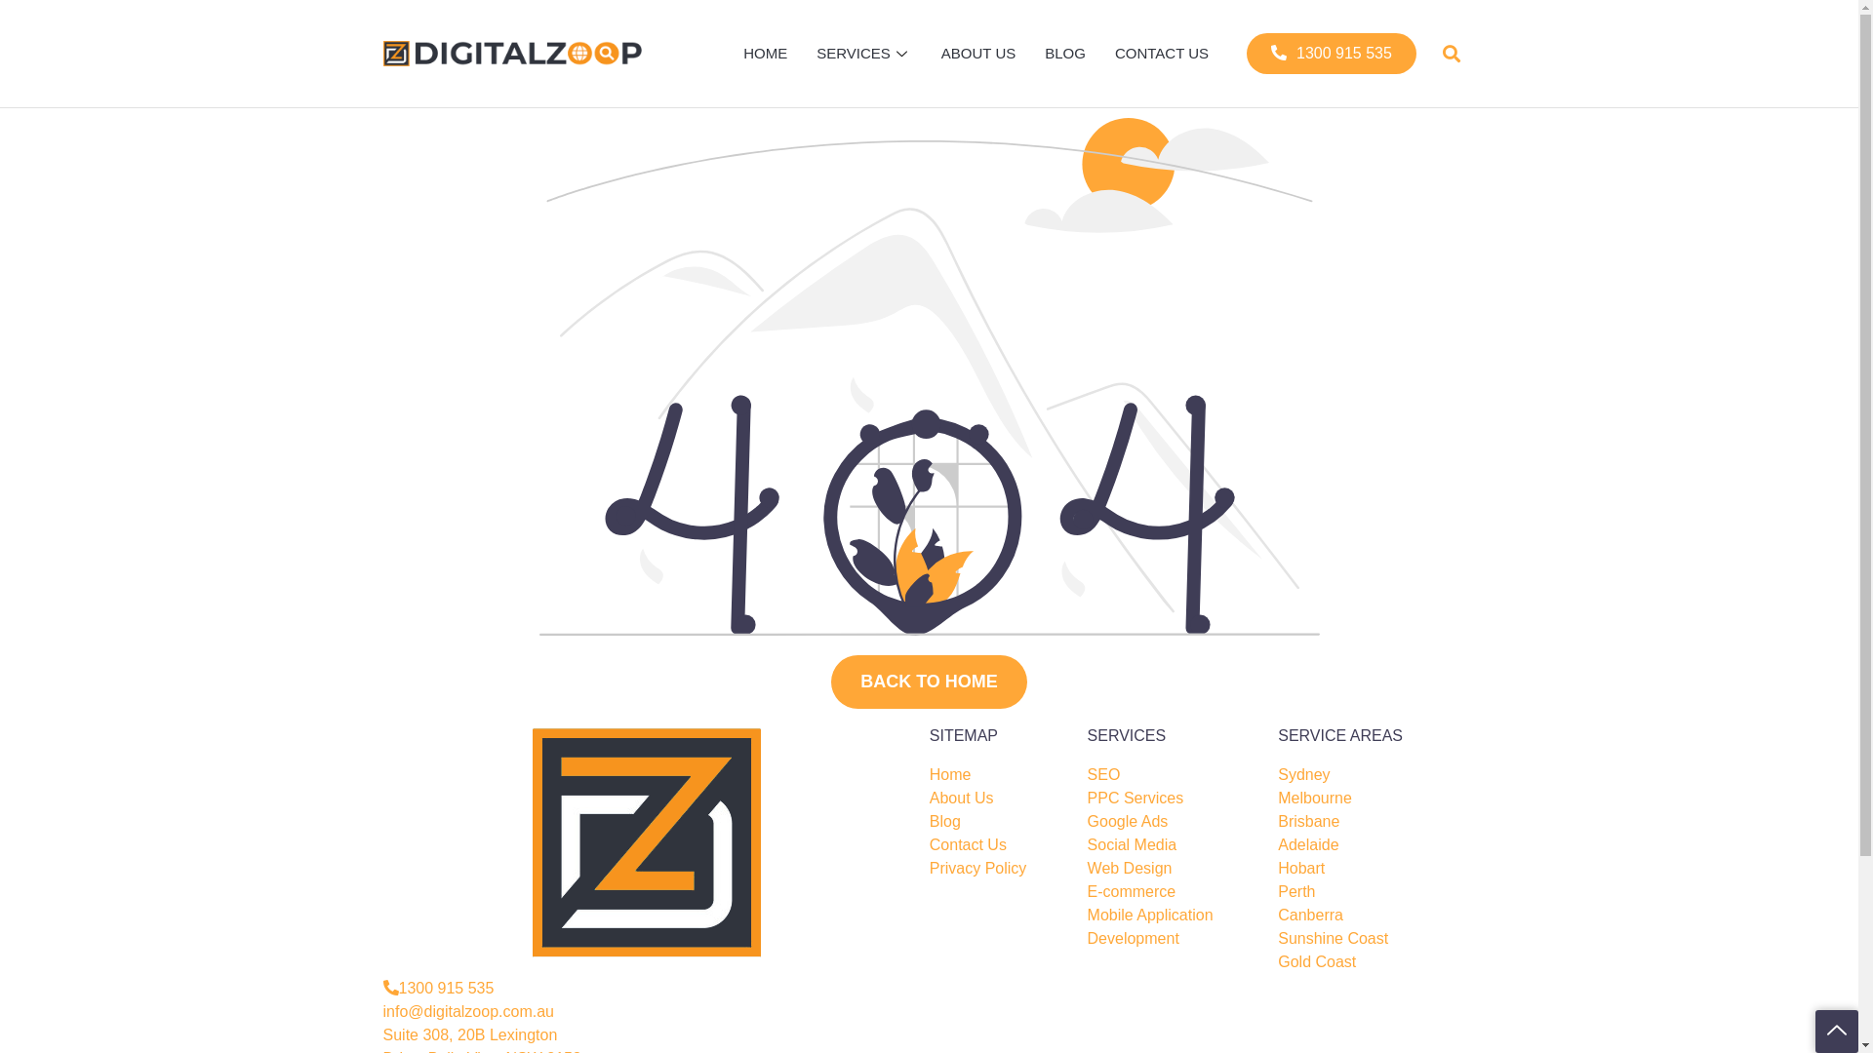 Image resolution: width=1873 pixels, height=1053 pixels. I want to click on 'E-commerce', so click(1132, 891).